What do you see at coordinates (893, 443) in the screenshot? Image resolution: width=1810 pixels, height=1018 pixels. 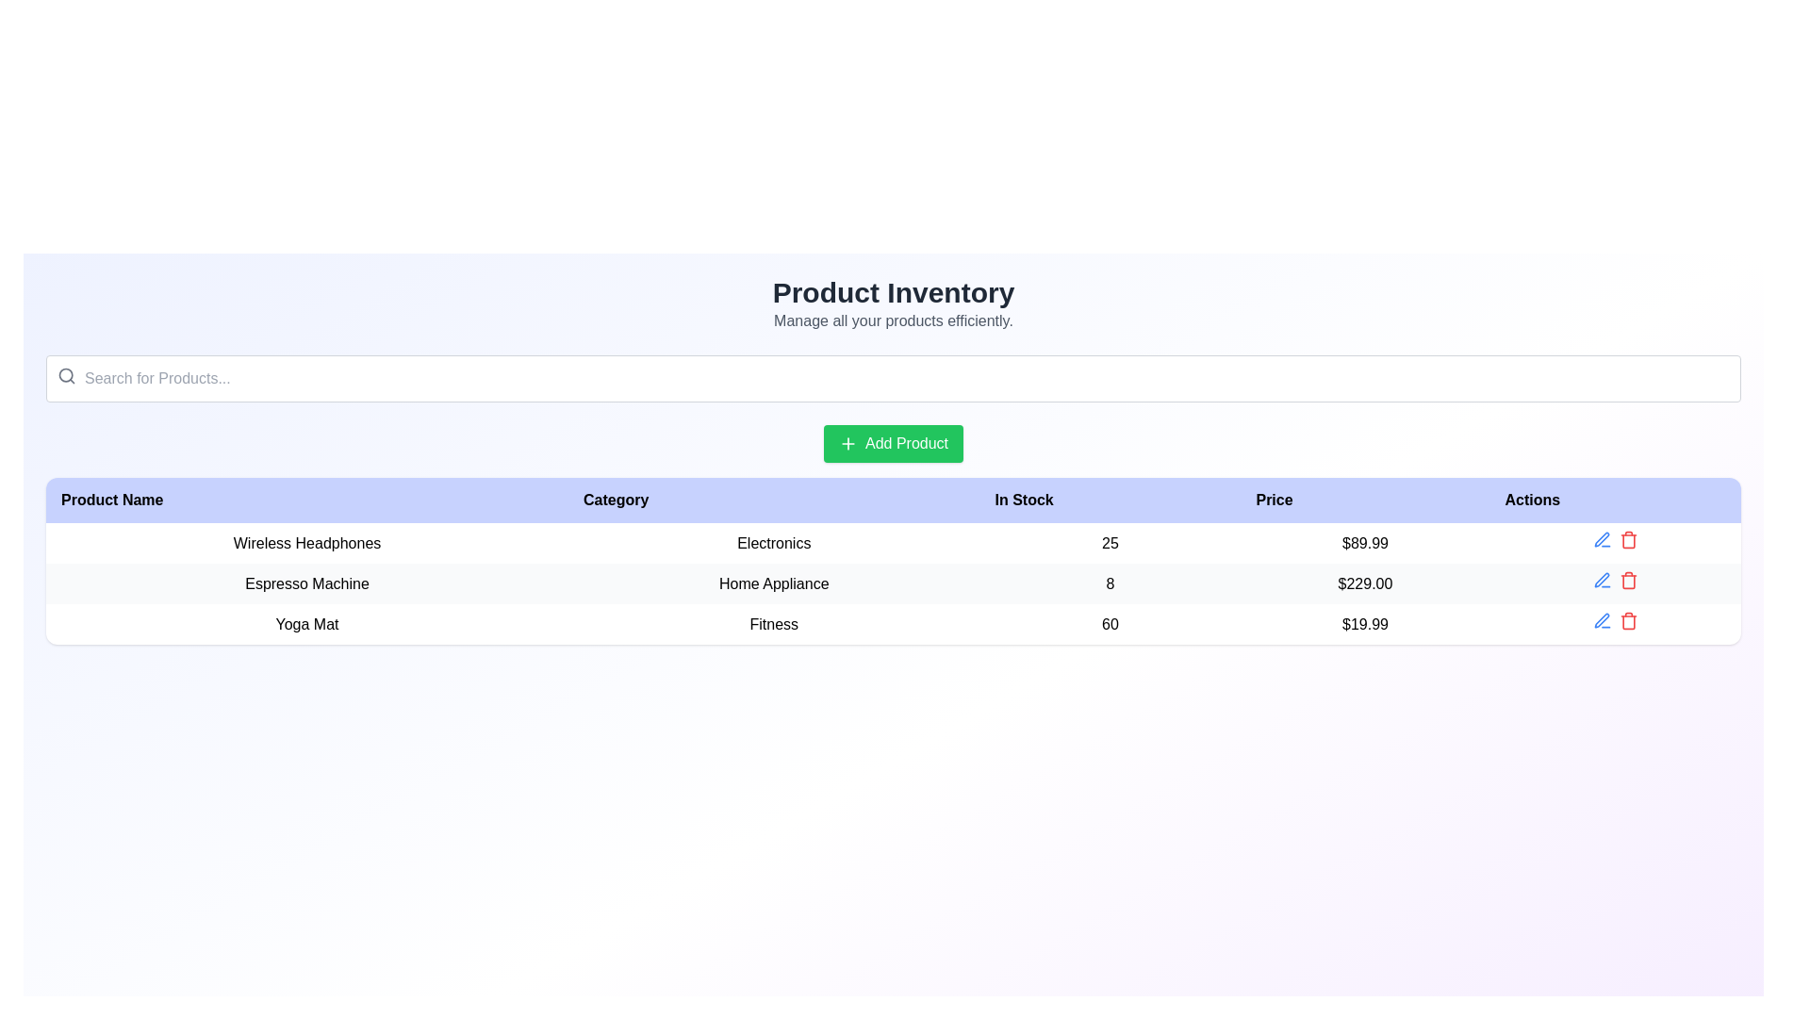 I see `the green 'Add Product' button with rounded corners, which is centrally located between the 'Product Inventory' header and the product table, to initiate adding a product` at bounding box center [893, 443].